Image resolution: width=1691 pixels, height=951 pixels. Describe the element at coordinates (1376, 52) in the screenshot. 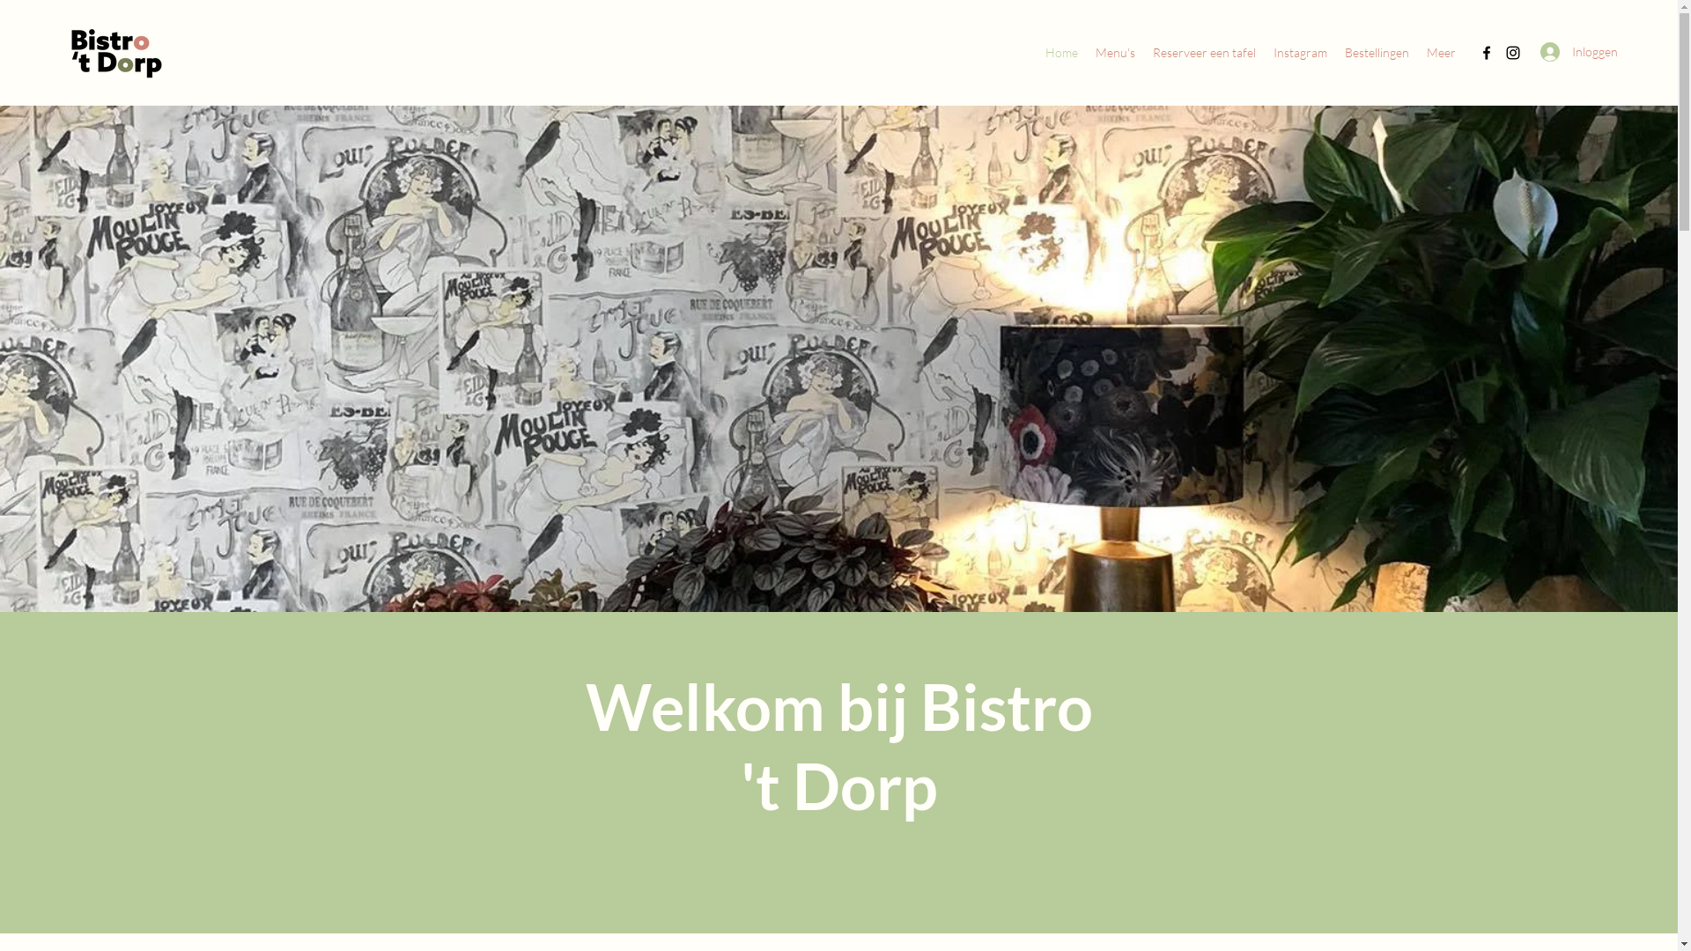

I see `'Bestellingen'` at that location.